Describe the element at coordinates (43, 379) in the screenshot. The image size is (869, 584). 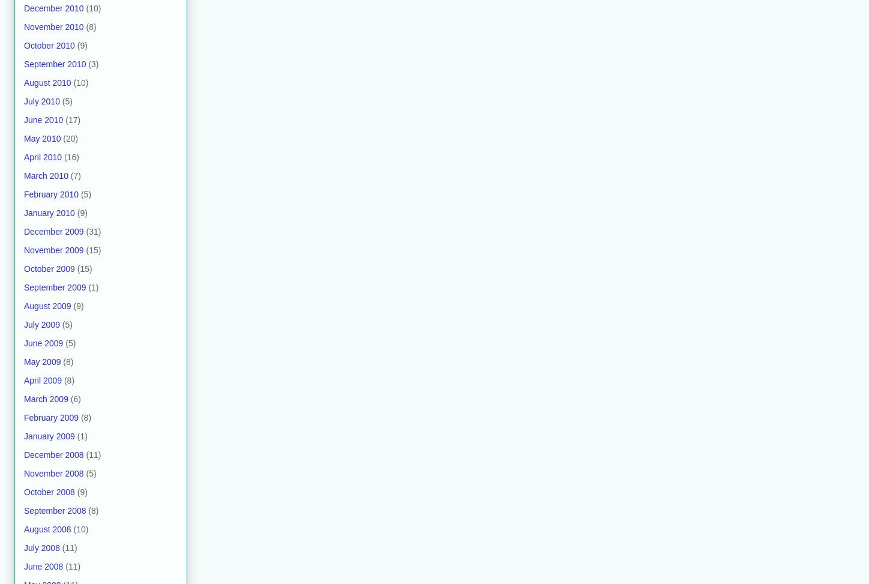
I see `'April 2009'` at that location.